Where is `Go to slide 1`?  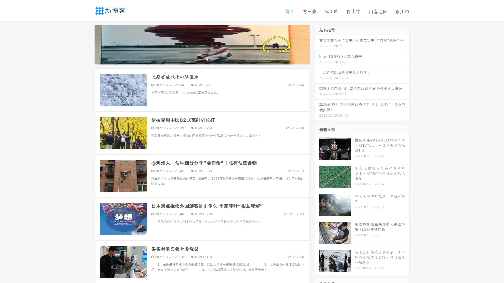
Go to slide 1 is located at coordinates (196, 59).